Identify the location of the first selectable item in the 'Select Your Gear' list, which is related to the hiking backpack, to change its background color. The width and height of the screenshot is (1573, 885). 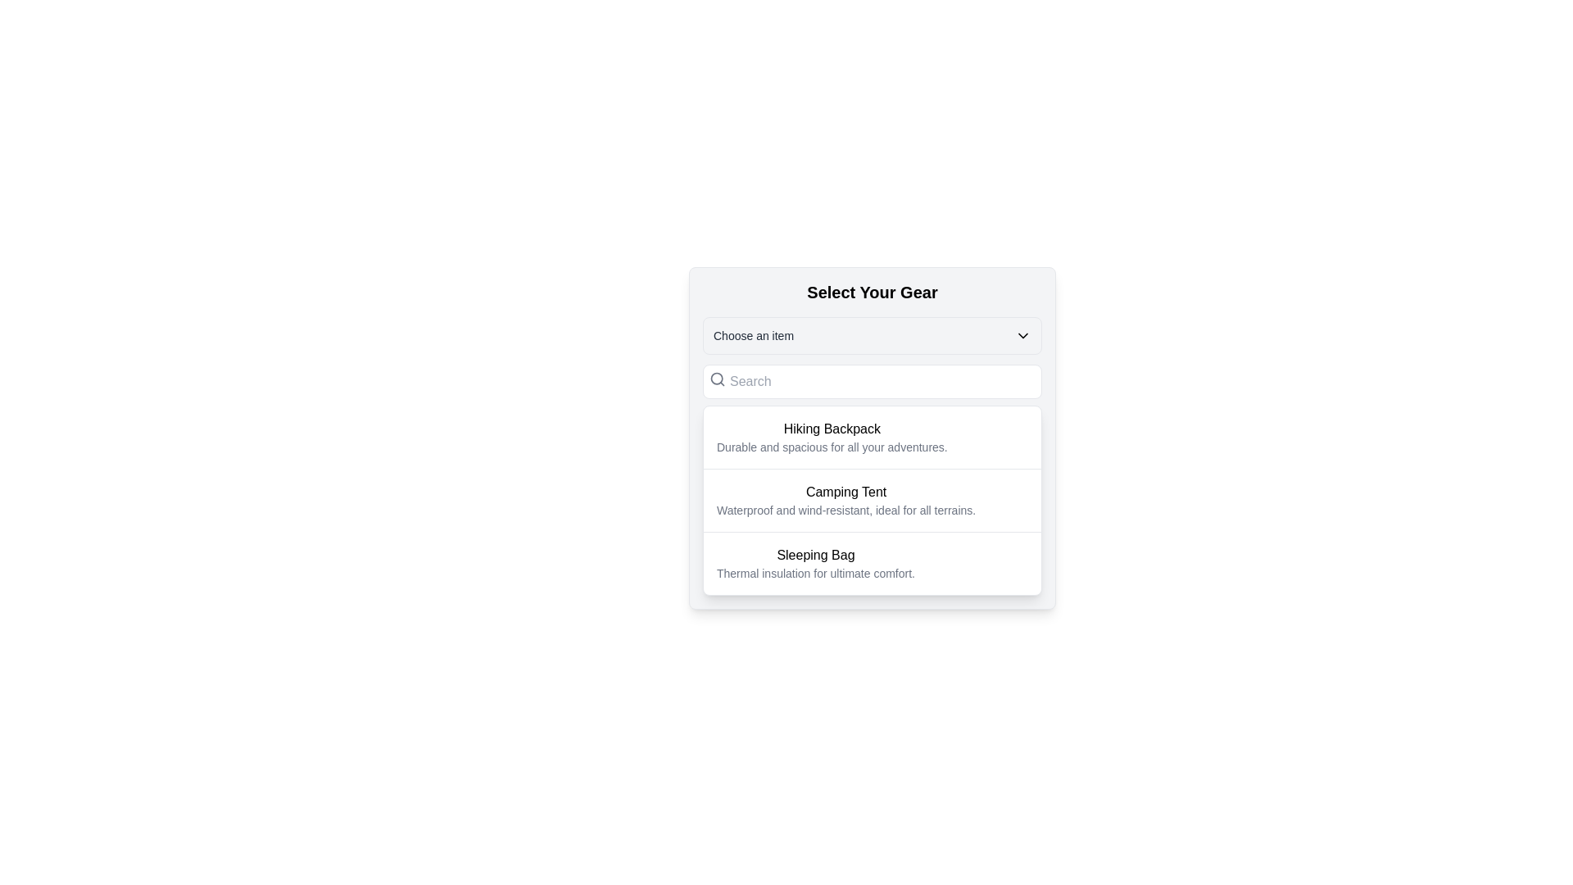
(872, 436).